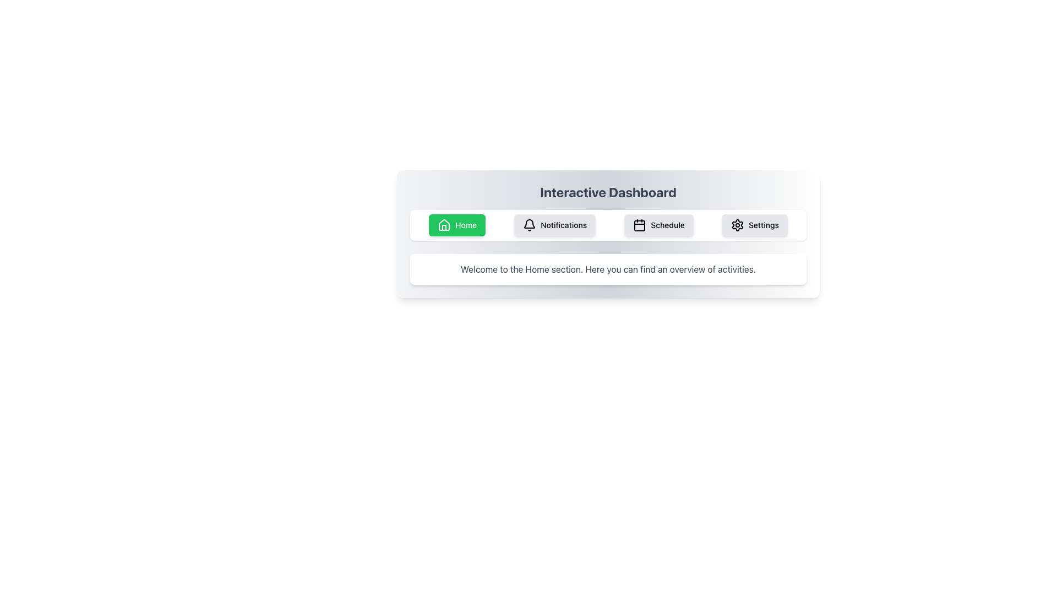 The height and width of the screenshot is (595, 1057). What do you see at coordinates (607, 224) in the screenshot?
I see `the 'Home' button in the navigation bar` at bounding box center [607, 224].